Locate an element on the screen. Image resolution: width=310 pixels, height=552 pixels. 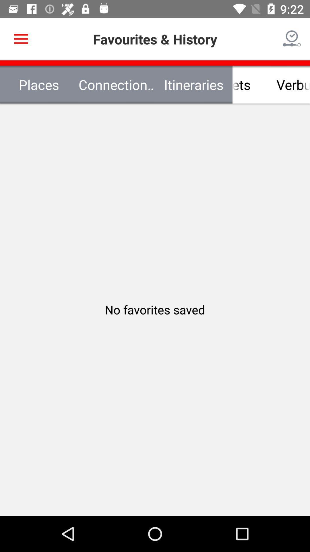
verbundtickets item is located at coordinates (271, 84).